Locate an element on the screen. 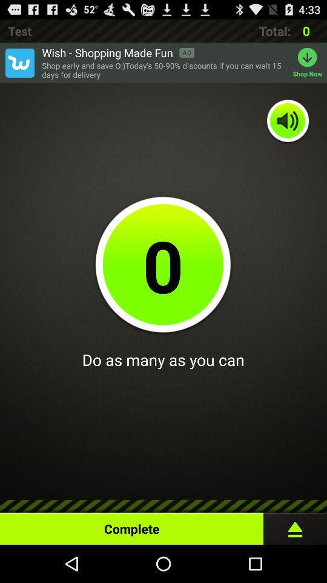 The image size is (327, 583). increase volume is located at coordinates (288, 121).